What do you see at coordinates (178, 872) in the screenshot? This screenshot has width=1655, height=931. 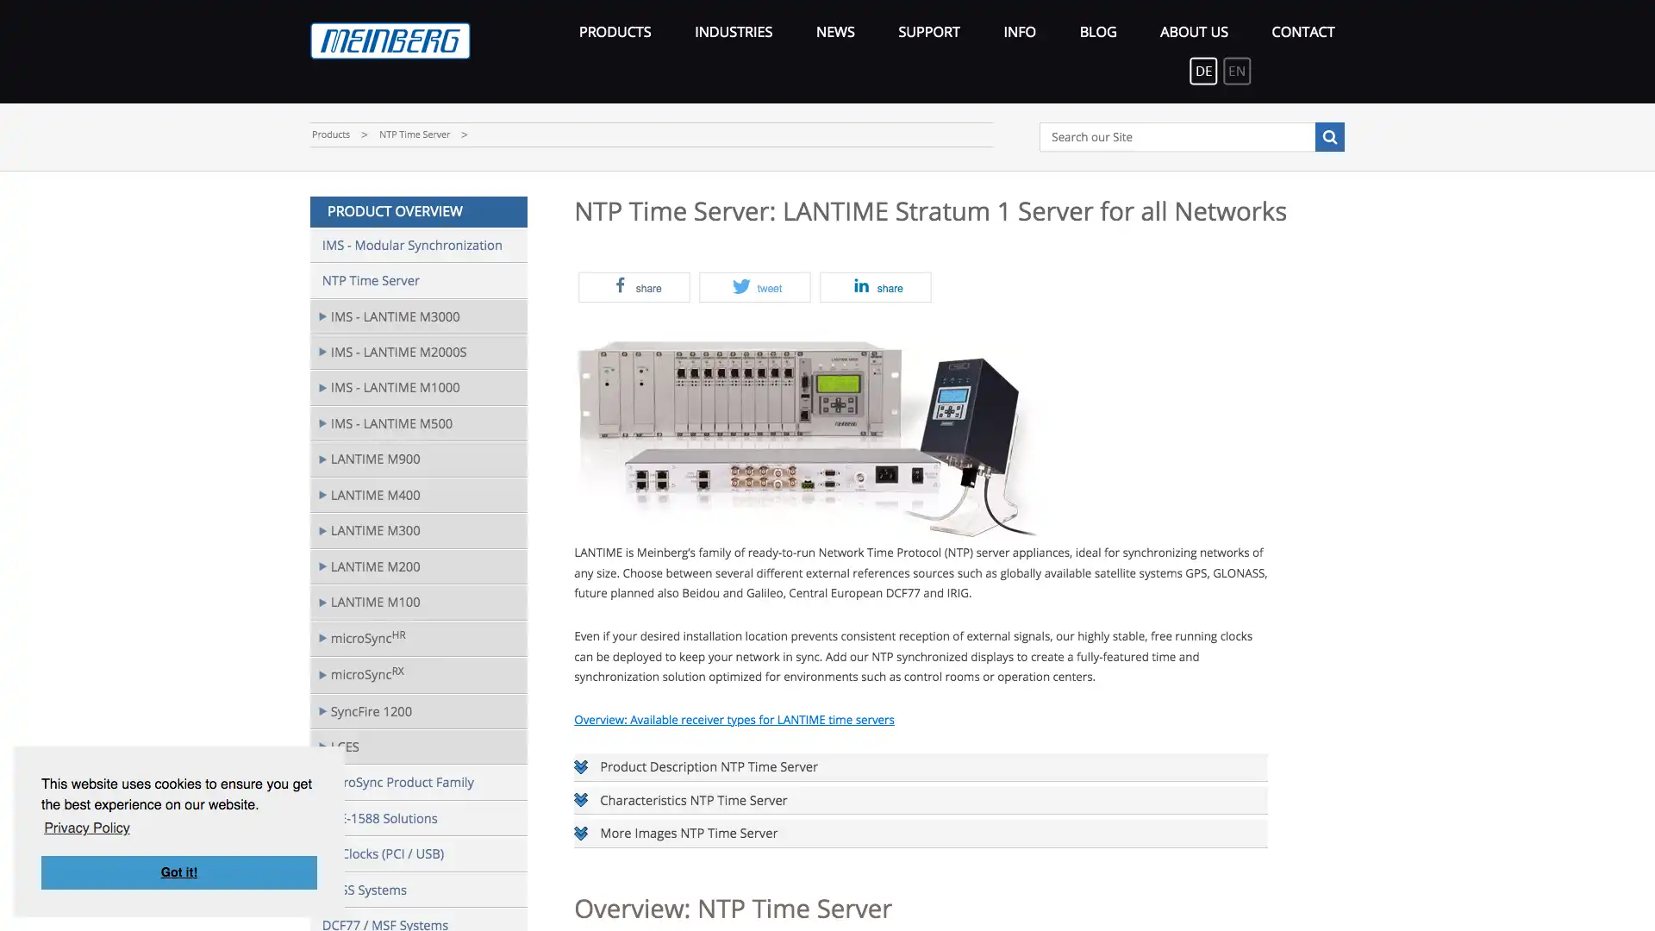 I see `dismiss cookie message` at bounding box center [178, 872].